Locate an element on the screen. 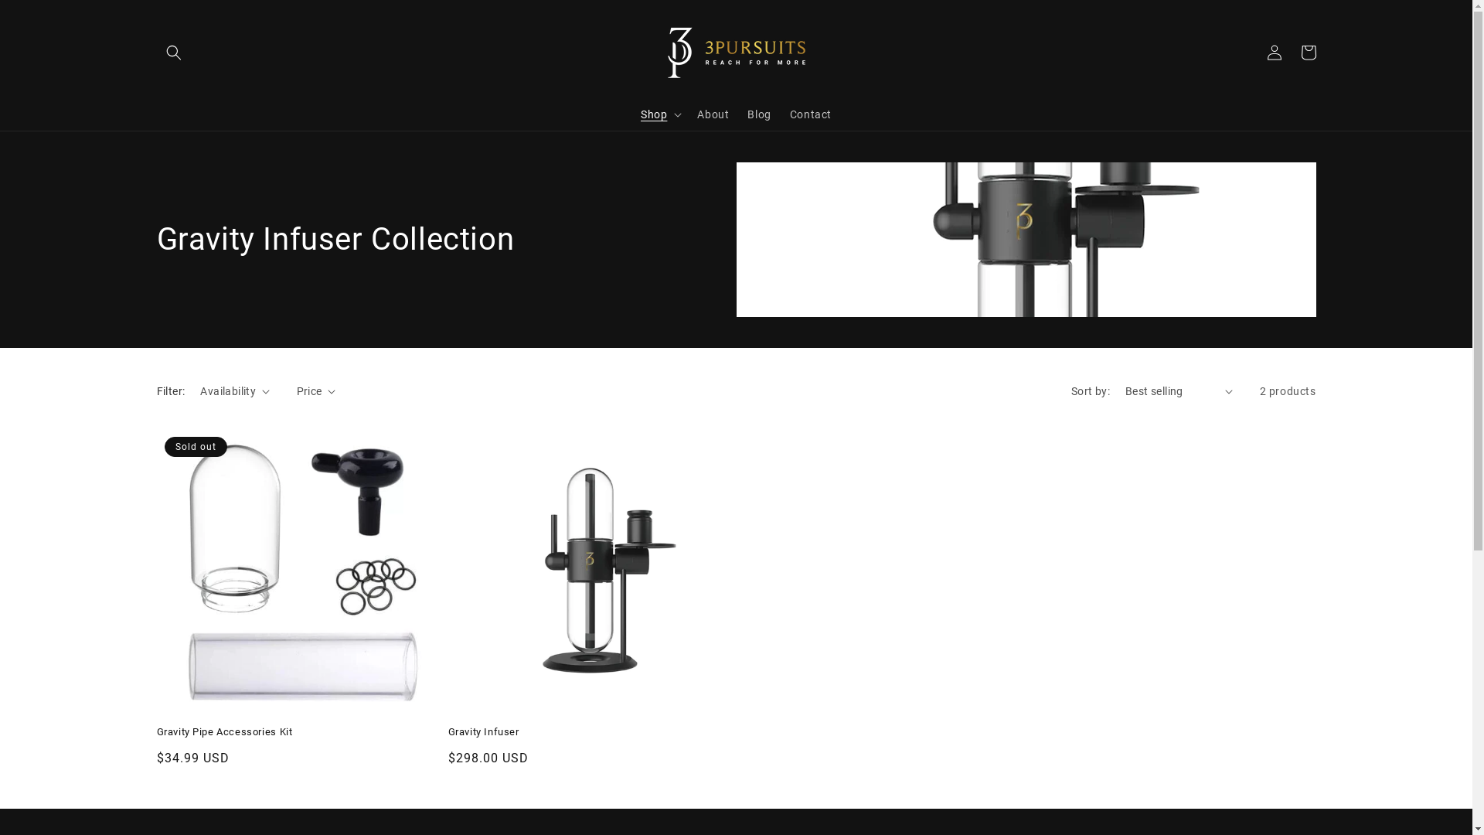  'Cart' is located at coordinates (1306, 52).